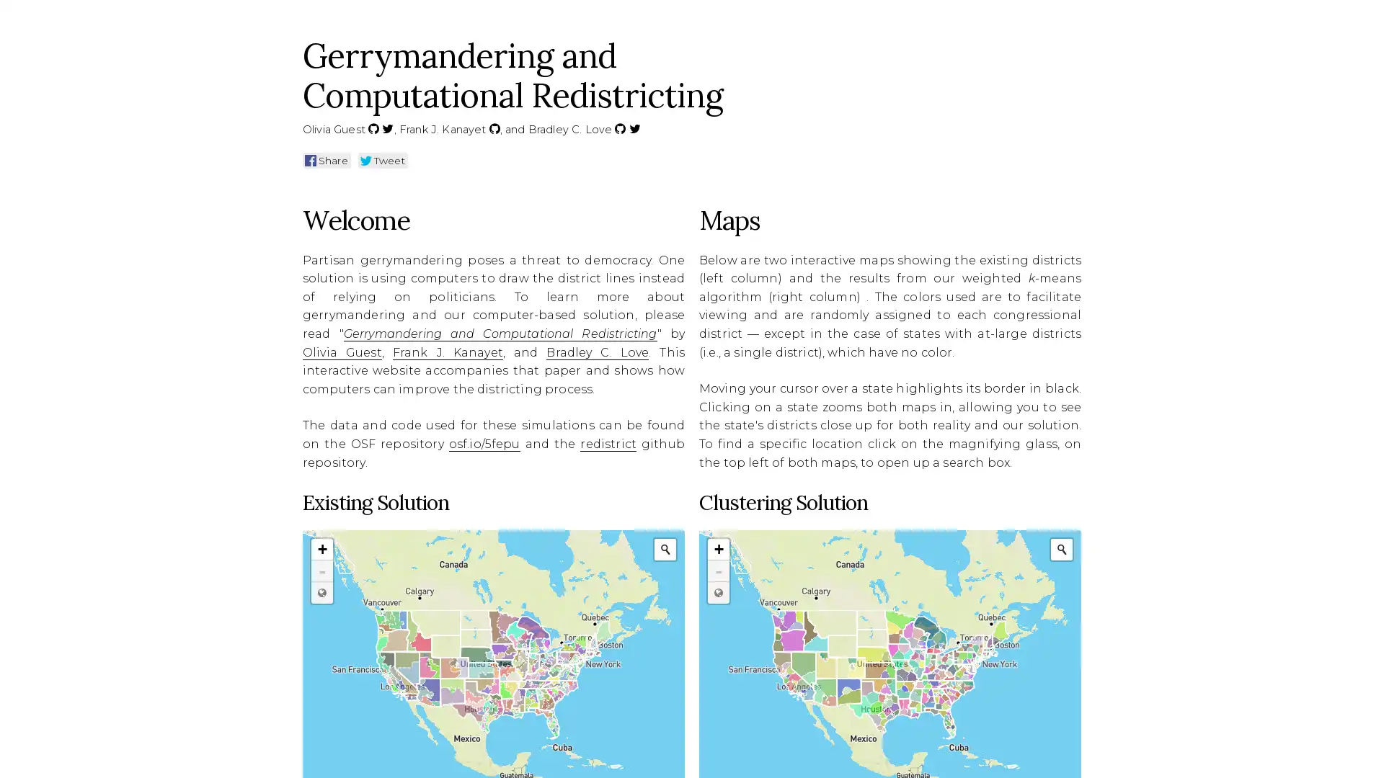  I want to click on Zoom min, so click(321, 592).